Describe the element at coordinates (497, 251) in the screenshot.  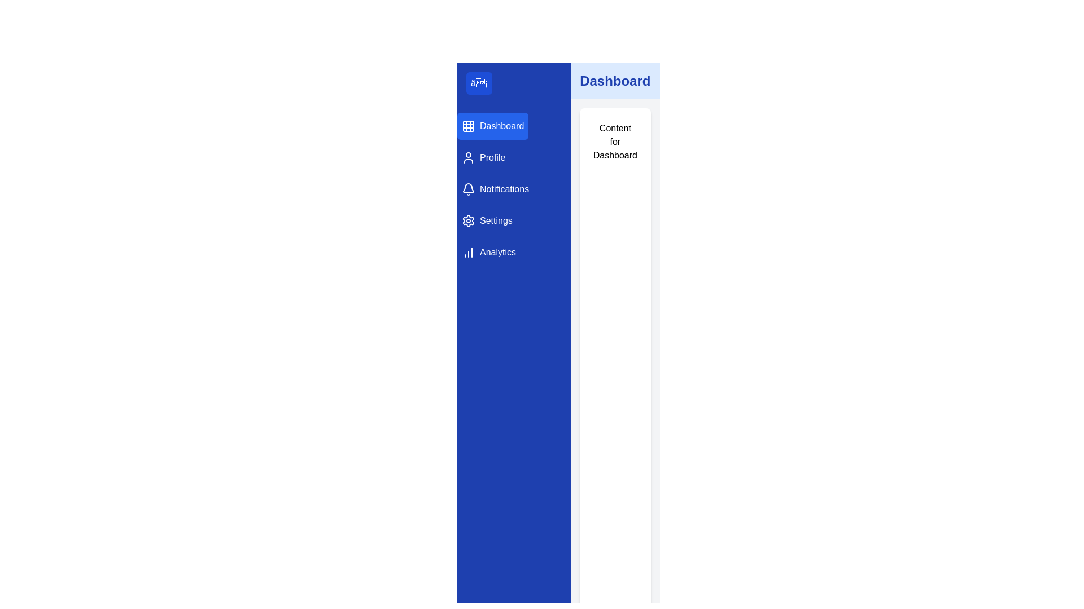
I see `the textual navigation label located on the left sidebar under 'Settings'` at that location.